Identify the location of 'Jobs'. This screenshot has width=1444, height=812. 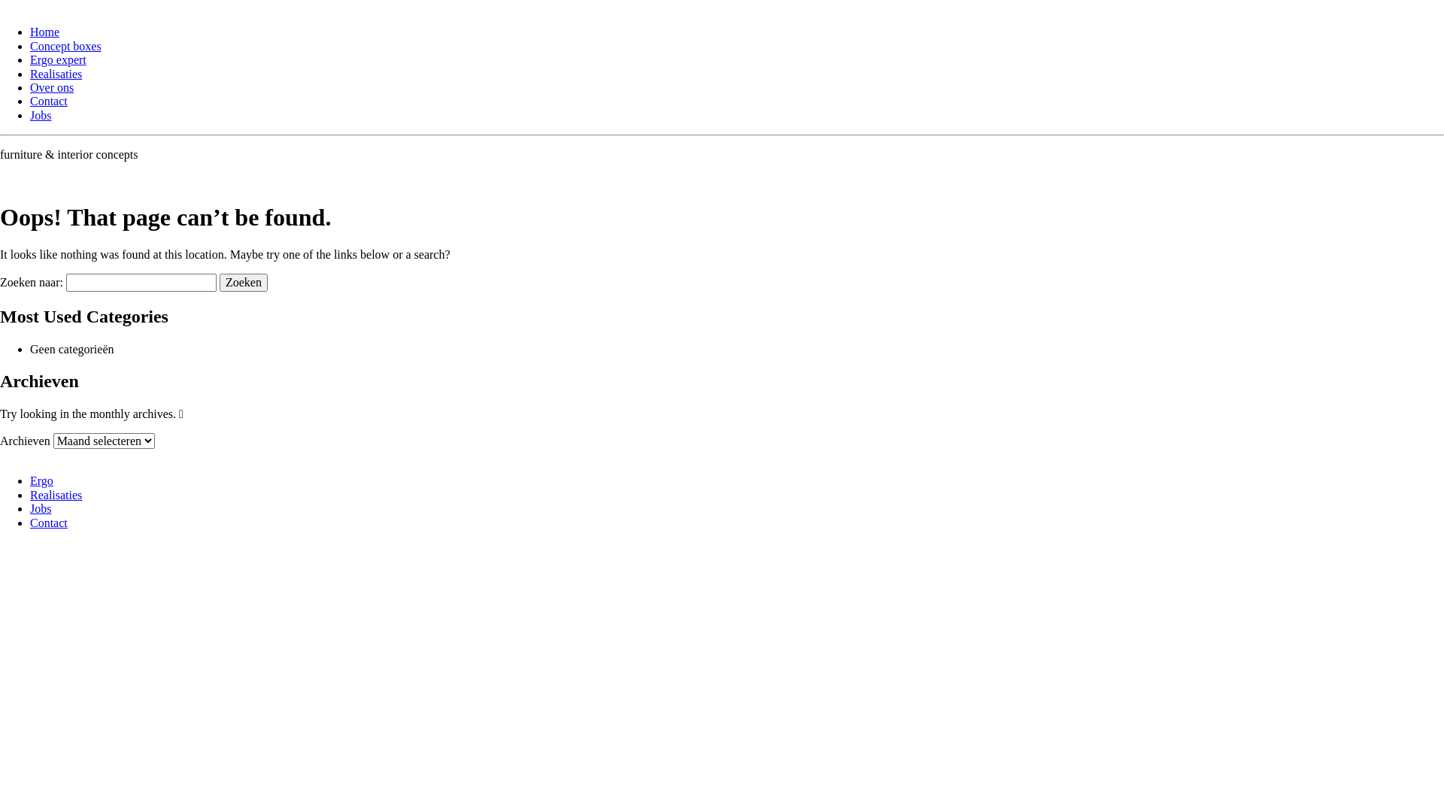
(40, 507).